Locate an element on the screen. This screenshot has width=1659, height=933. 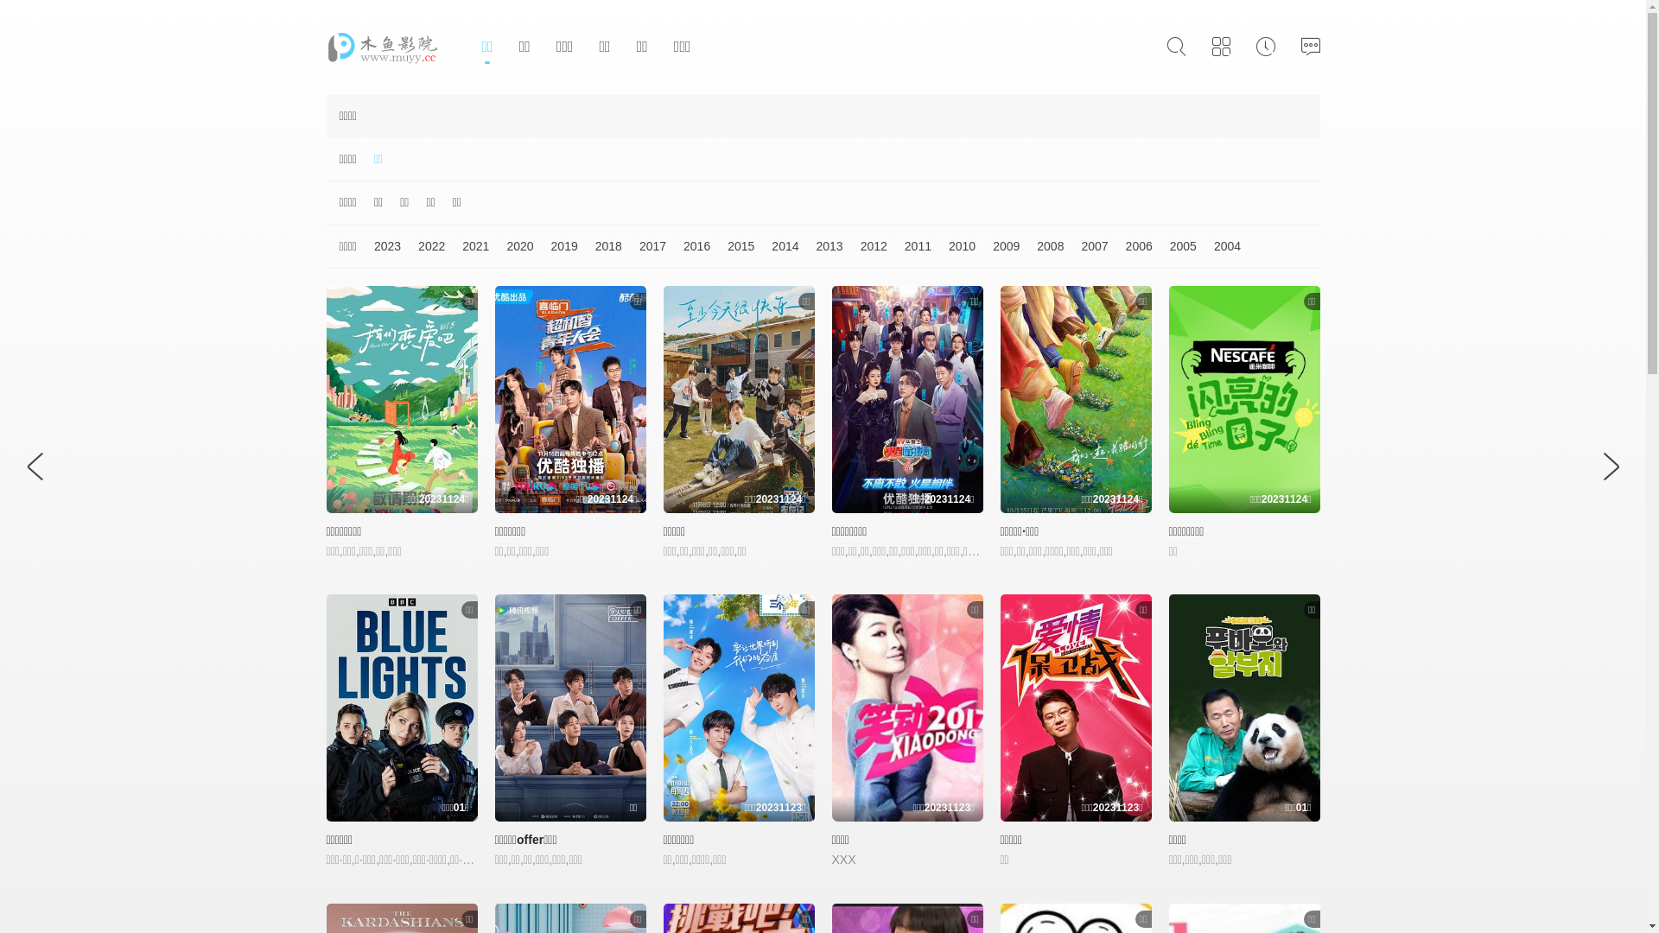
'2011' is located at coordinates (908, 246).